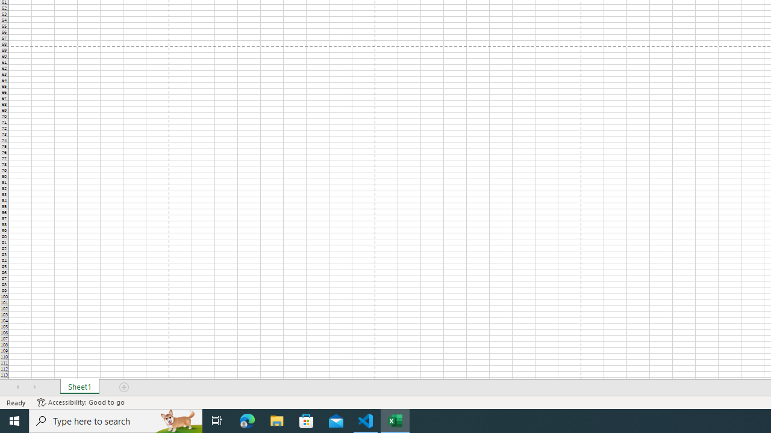 The width and height of the screenshot is (771, 433). Describe the element at coordinates (34, 387) in the screenshot. I see `'Scroll Right'` at that location.